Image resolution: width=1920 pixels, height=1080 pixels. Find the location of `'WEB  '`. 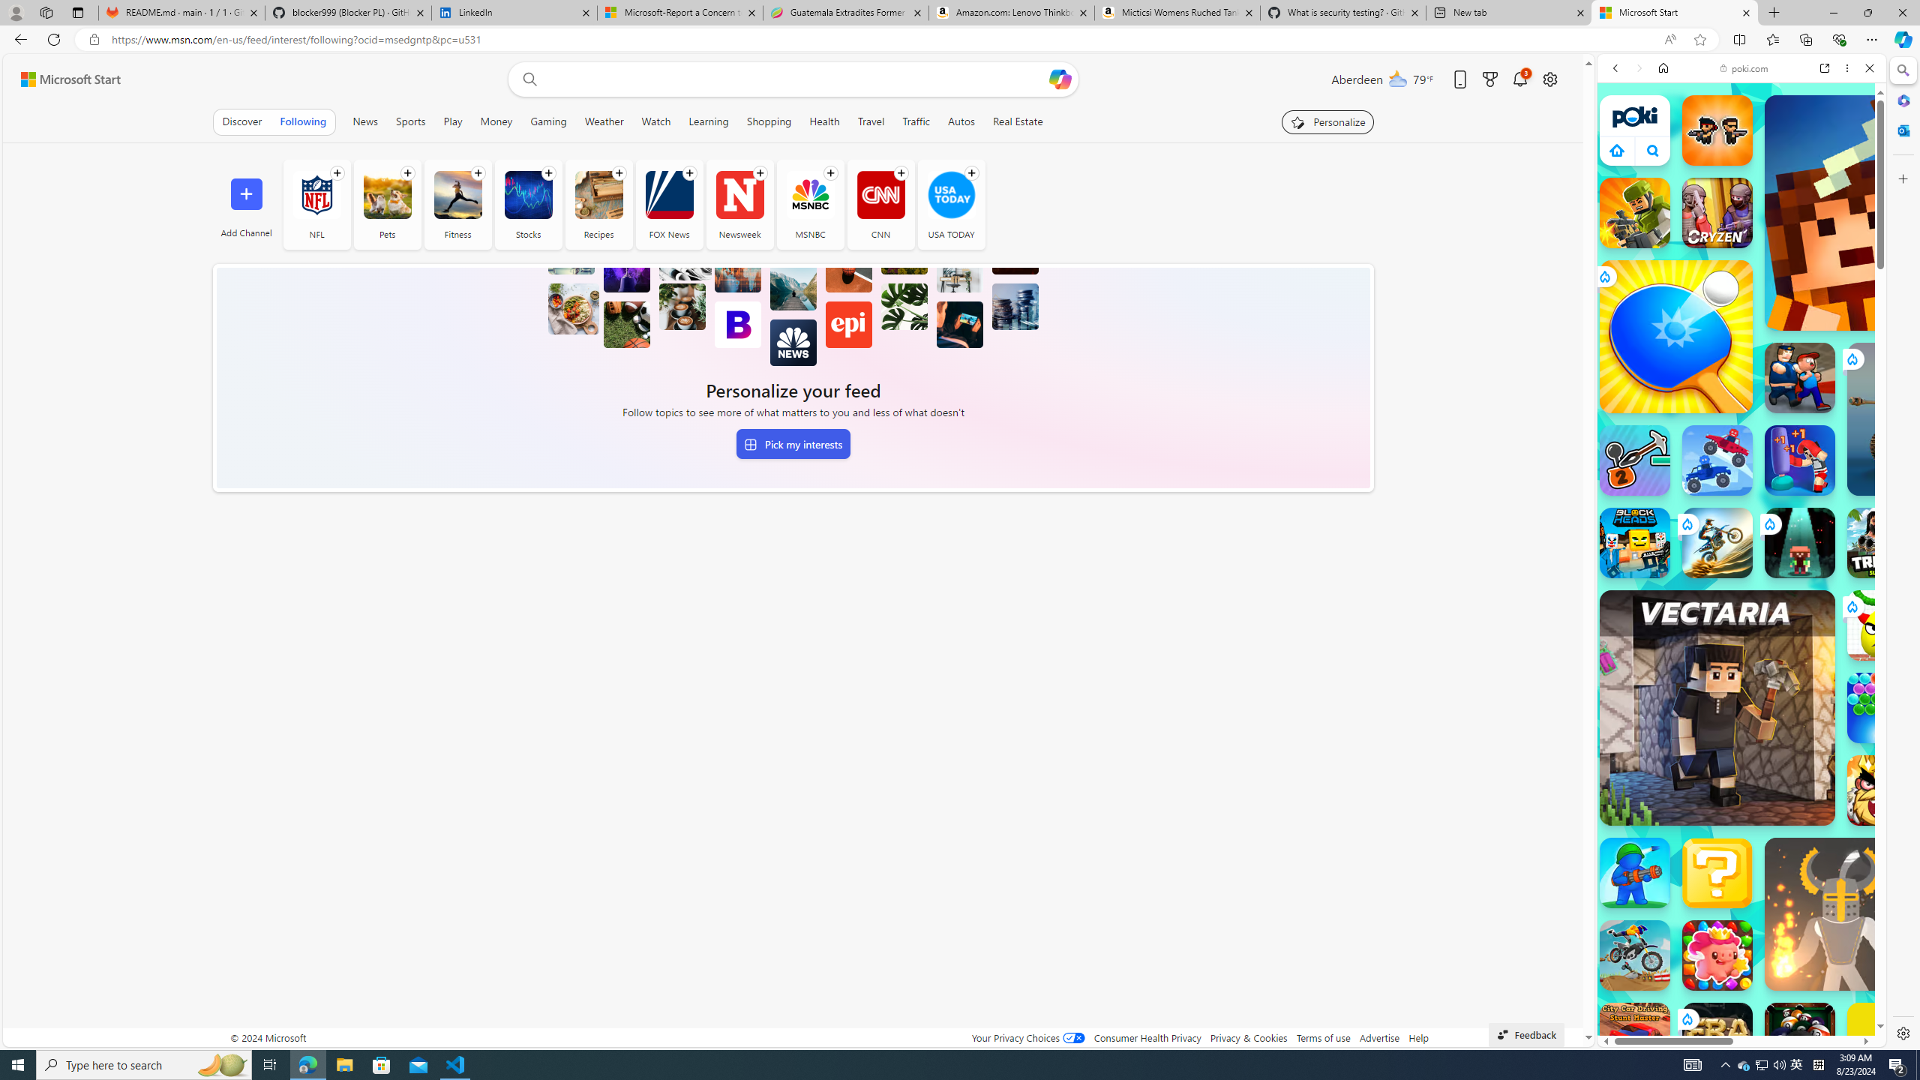

'WEB  ' is located at coordinates (1621, 172).